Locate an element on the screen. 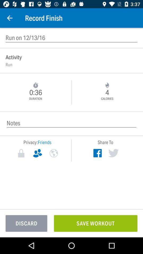 The width and height of the screenshot is (143, 254). the item below the friends is located at coordinates (53, 153).